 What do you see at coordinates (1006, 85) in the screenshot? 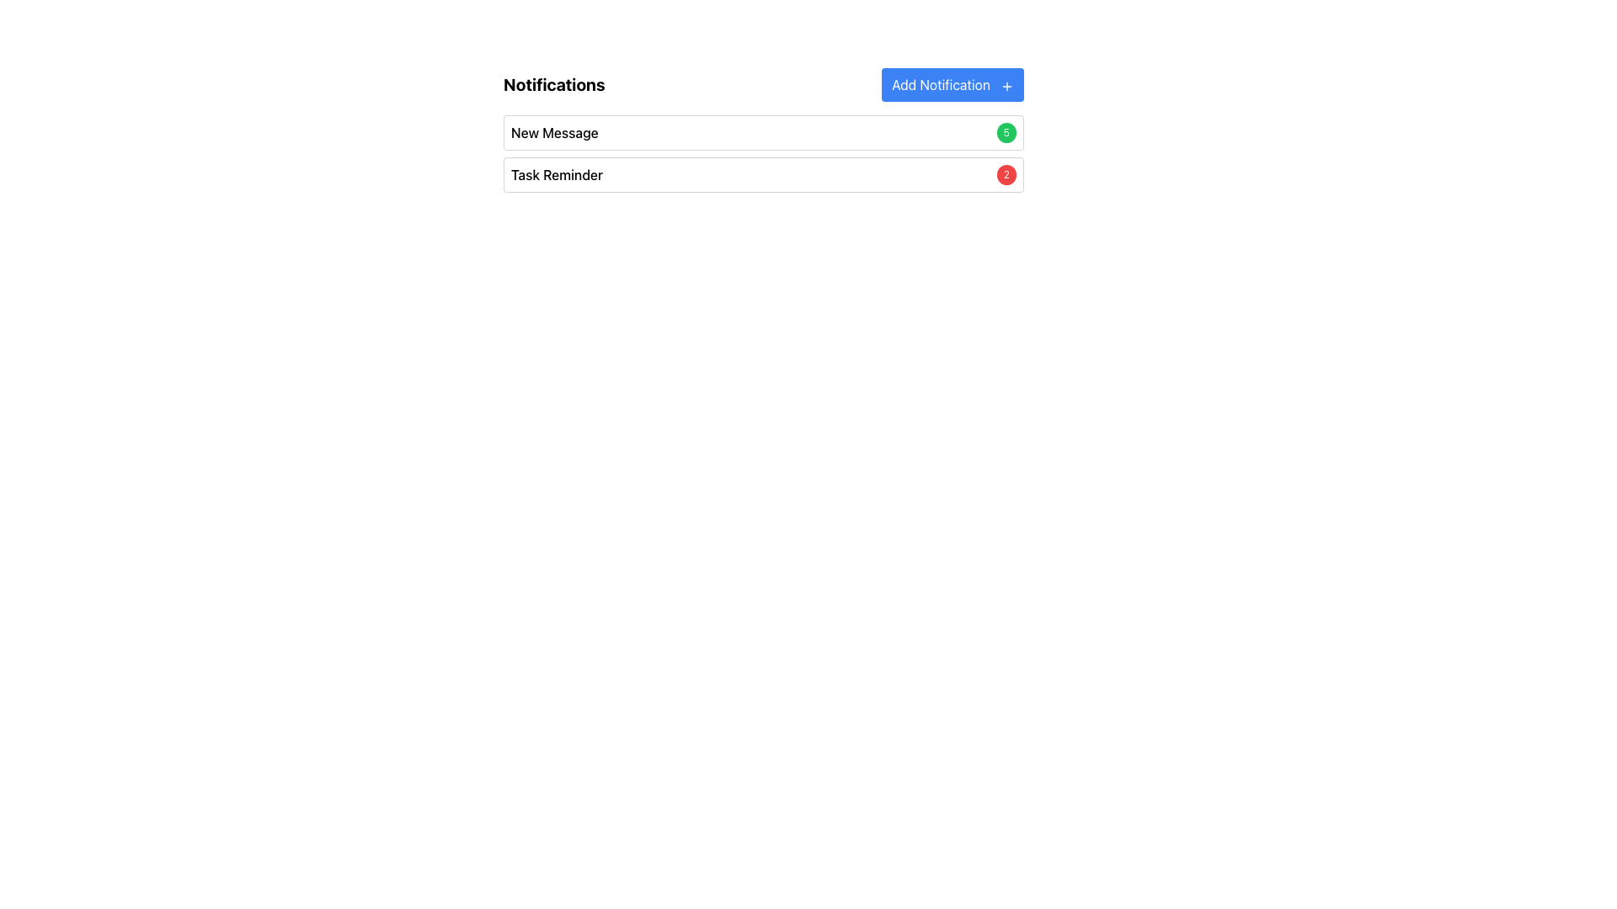
I see `the '+' icon associated with the 'Add Notification' button located in the top-right section of the main interface` at bounding box center [1006, 85].